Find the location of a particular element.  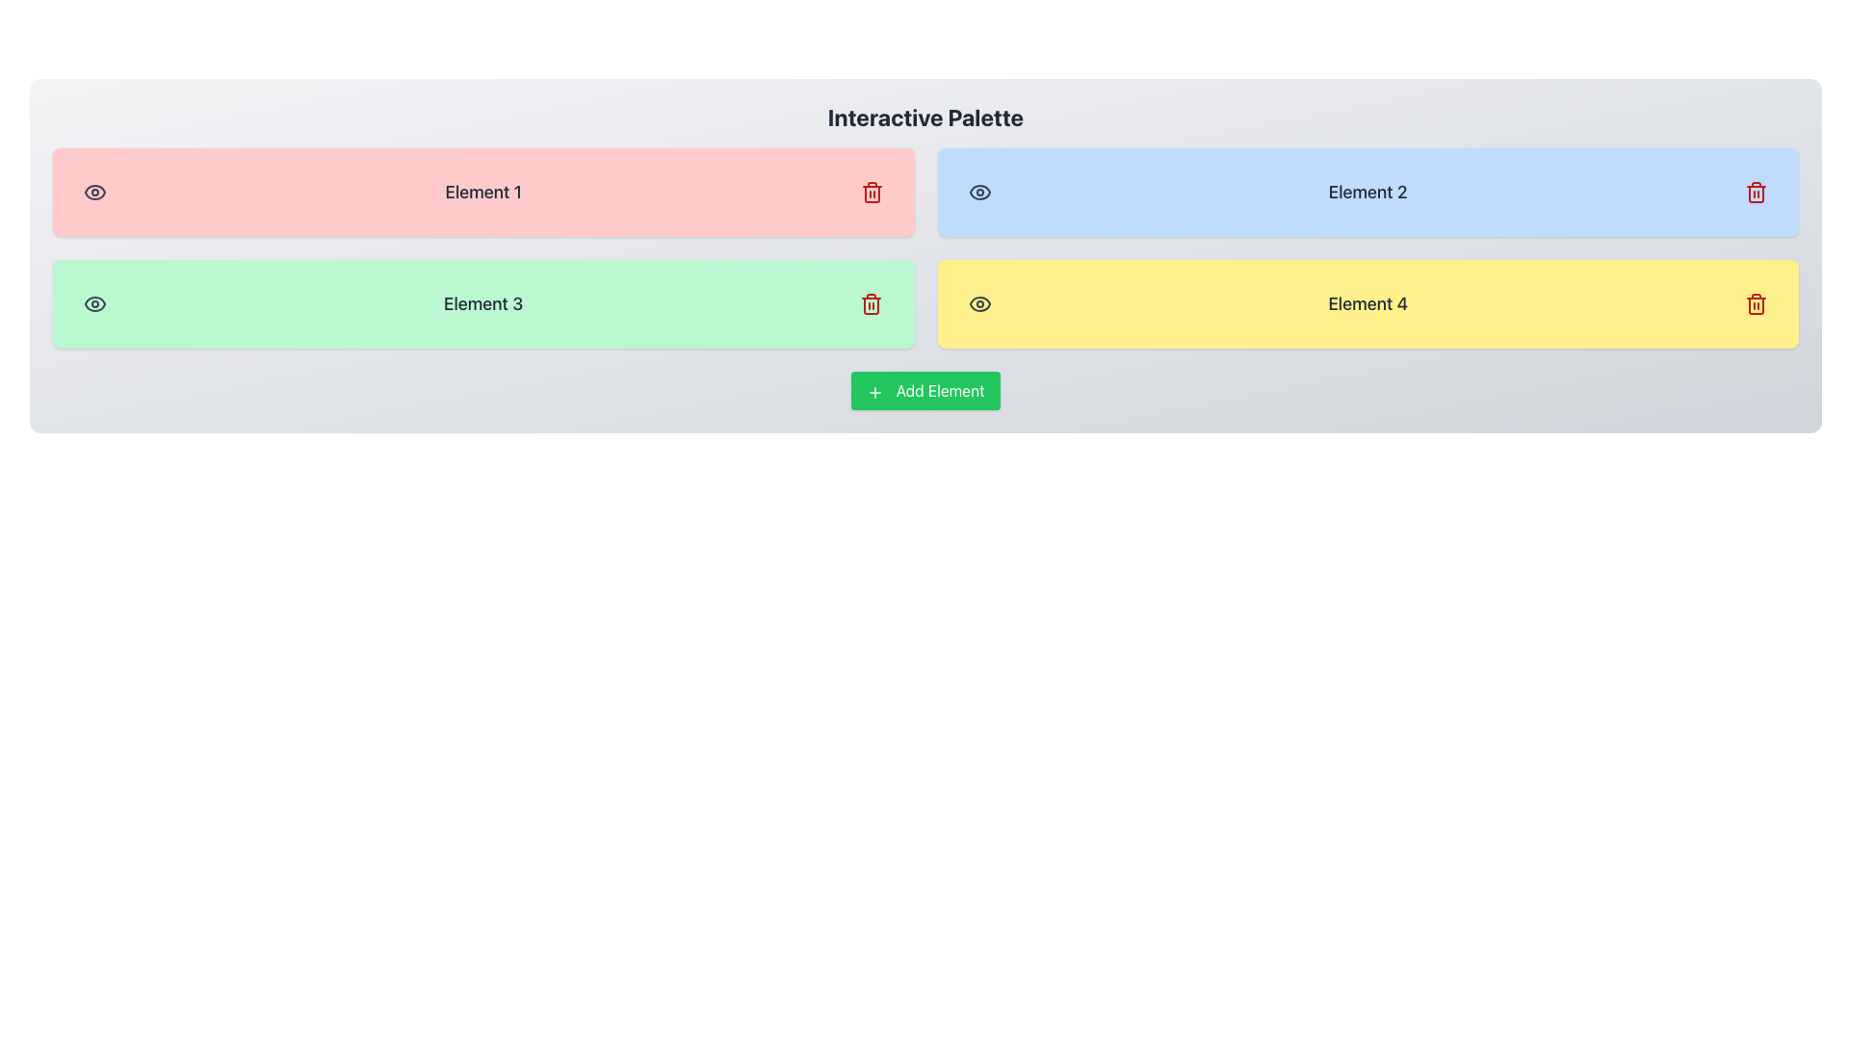

the trash can icon, which represents a delete or remove action, located at the right end of the blue 'Element 2' block is located at coordinates (1757, 194).